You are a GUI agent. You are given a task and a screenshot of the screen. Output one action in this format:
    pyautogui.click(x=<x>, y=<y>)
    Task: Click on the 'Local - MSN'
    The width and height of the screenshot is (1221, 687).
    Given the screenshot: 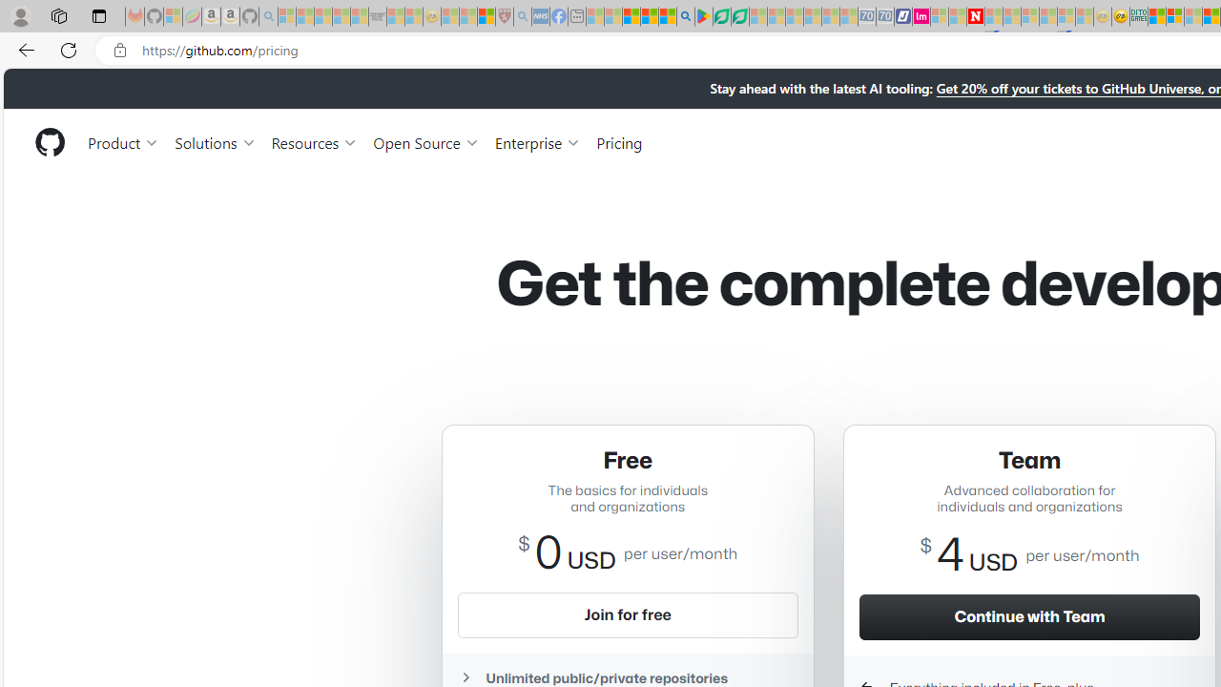 What is the action you would take?
    pyautogui.click(x=486, y=16)
    